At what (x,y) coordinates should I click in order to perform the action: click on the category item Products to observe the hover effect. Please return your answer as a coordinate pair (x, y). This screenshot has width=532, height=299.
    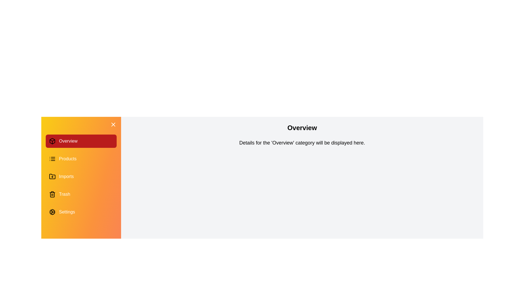
    Looking at the image, I should click on (81, 159).